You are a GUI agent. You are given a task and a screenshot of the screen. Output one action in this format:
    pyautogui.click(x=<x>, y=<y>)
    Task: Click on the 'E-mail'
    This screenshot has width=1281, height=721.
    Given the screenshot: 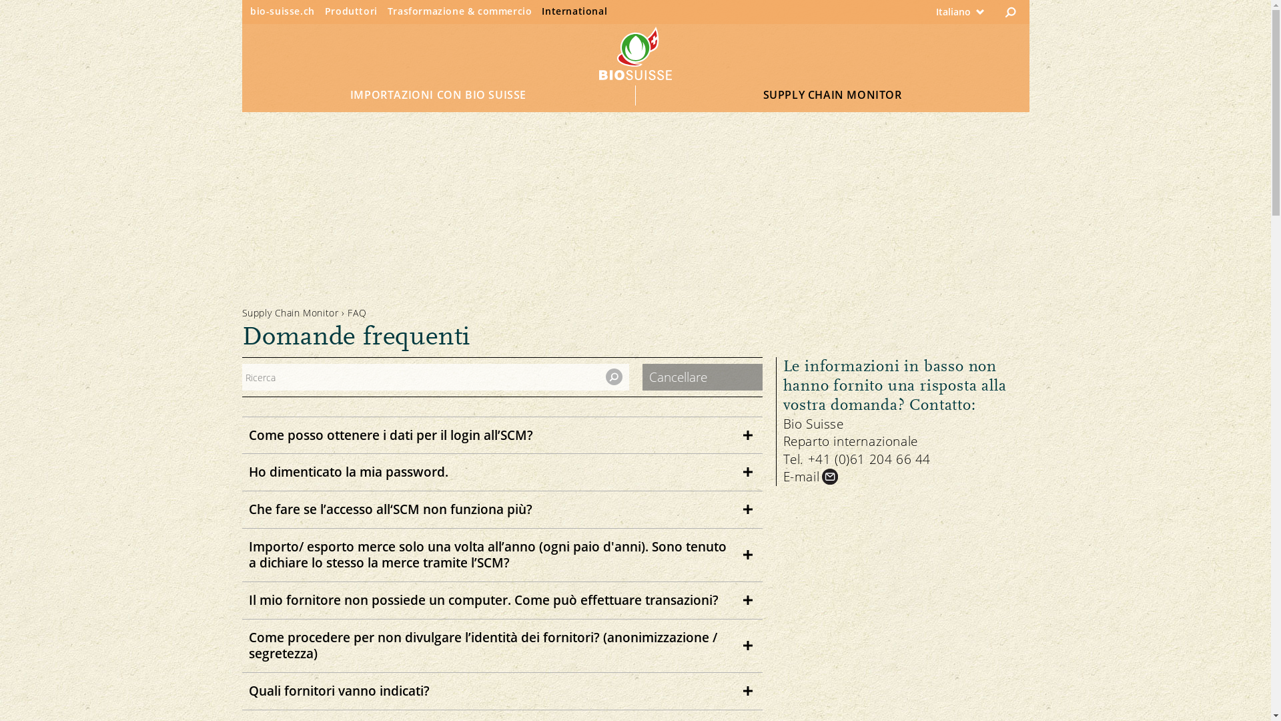 What is the action you would take?
    pyautogui.click(x=811, y=476)
    